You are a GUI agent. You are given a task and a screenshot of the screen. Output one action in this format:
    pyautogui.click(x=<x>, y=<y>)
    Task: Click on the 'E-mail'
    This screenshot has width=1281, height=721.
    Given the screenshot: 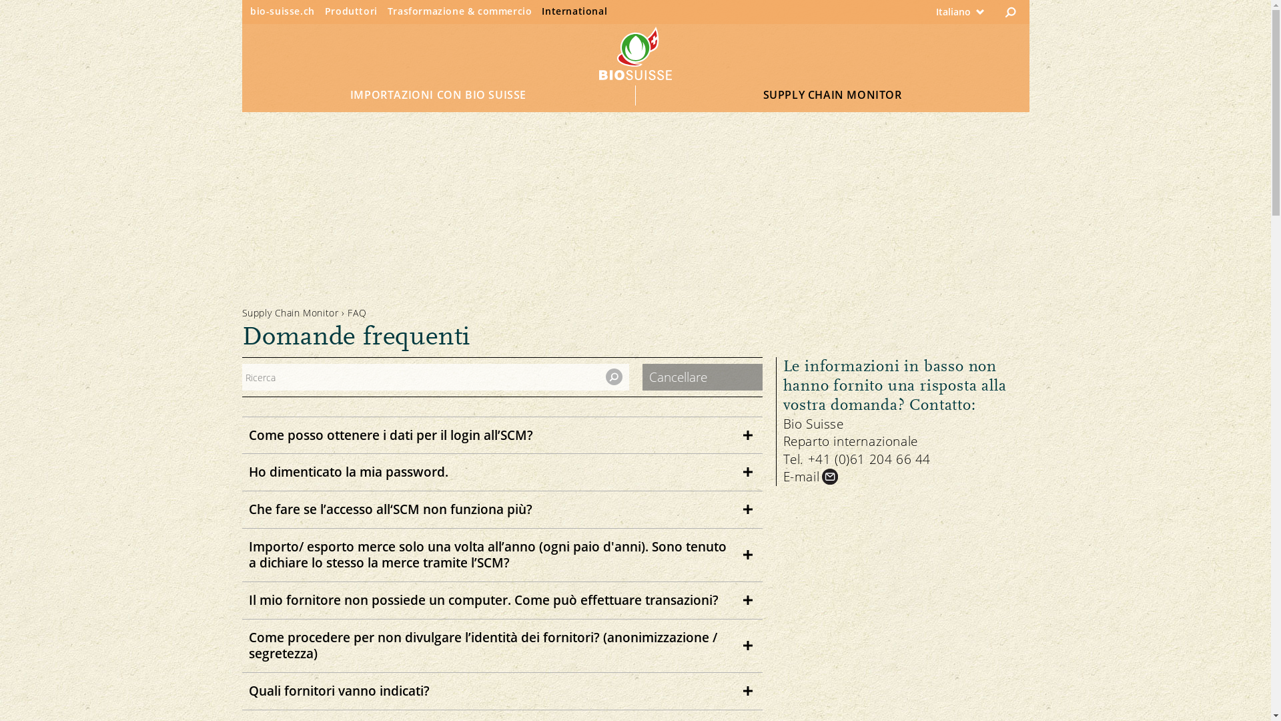 What is the action you would take?
    pyautogui.click(x=811, y=476)
    